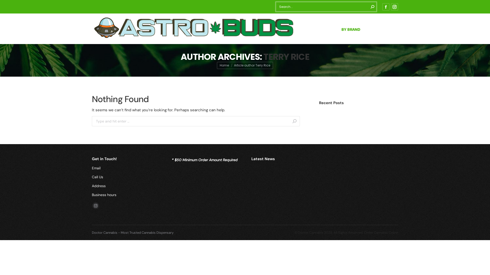  Describe the element at coordinates (95, 205) in the screenshot. I see `'Instagram page opens in new window'` at that location.